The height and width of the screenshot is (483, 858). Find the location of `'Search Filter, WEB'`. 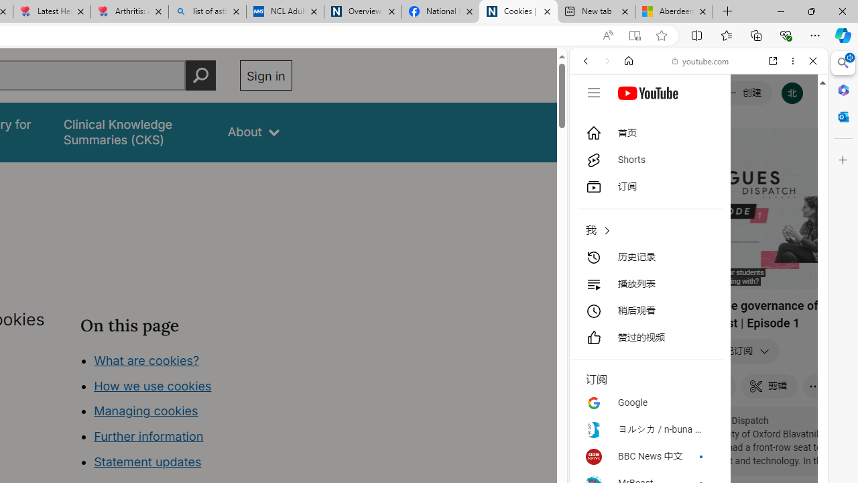

'Search Filter, WEB' is located at coordinates (591, 152).